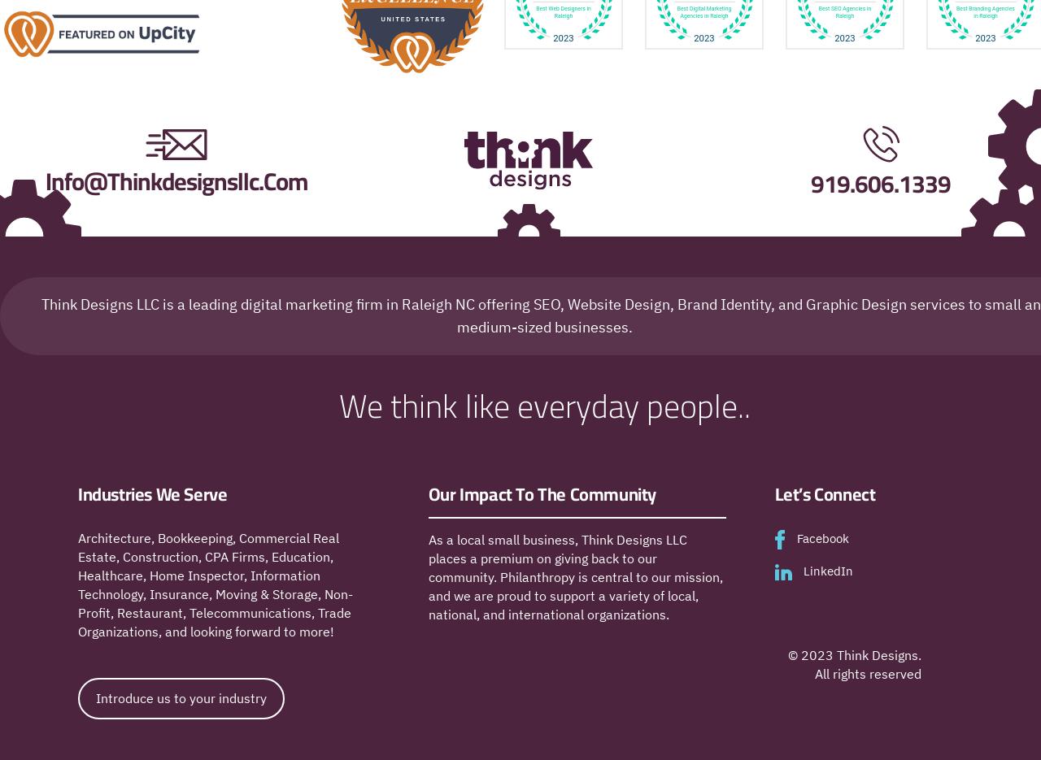 Image resolution: width=1041 pixels, height=760 pixels. Describe the element at coordinates (880, 183) in the screenshot. I see `'919.606.1339'` at that location.